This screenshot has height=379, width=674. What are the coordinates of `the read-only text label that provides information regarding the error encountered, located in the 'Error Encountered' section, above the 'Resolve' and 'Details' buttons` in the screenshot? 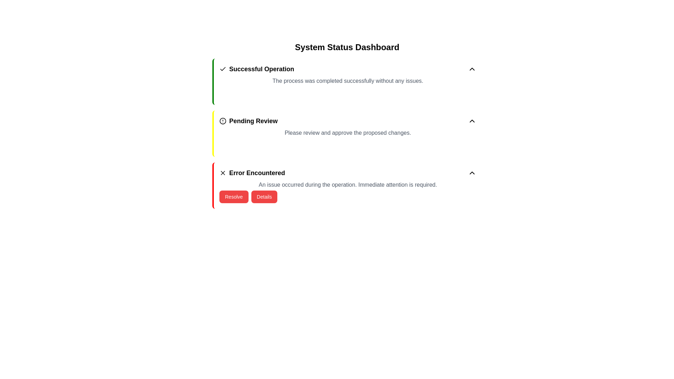 It's located at (348, 185).